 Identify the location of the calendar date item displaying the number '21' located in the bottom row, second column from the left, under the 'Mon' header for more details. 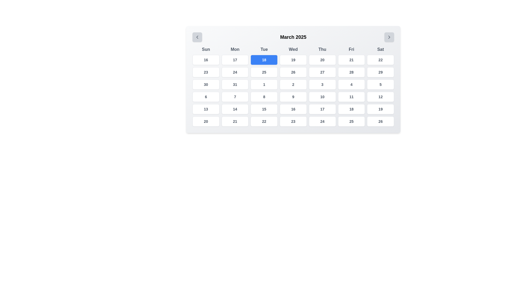
(235, 121).